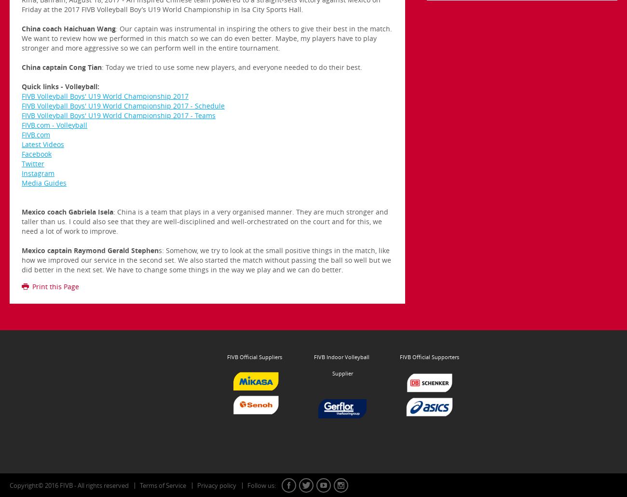  Describe the element at coordinates (38, 173) in the screenshot. I see `'Instagram'` at that location.